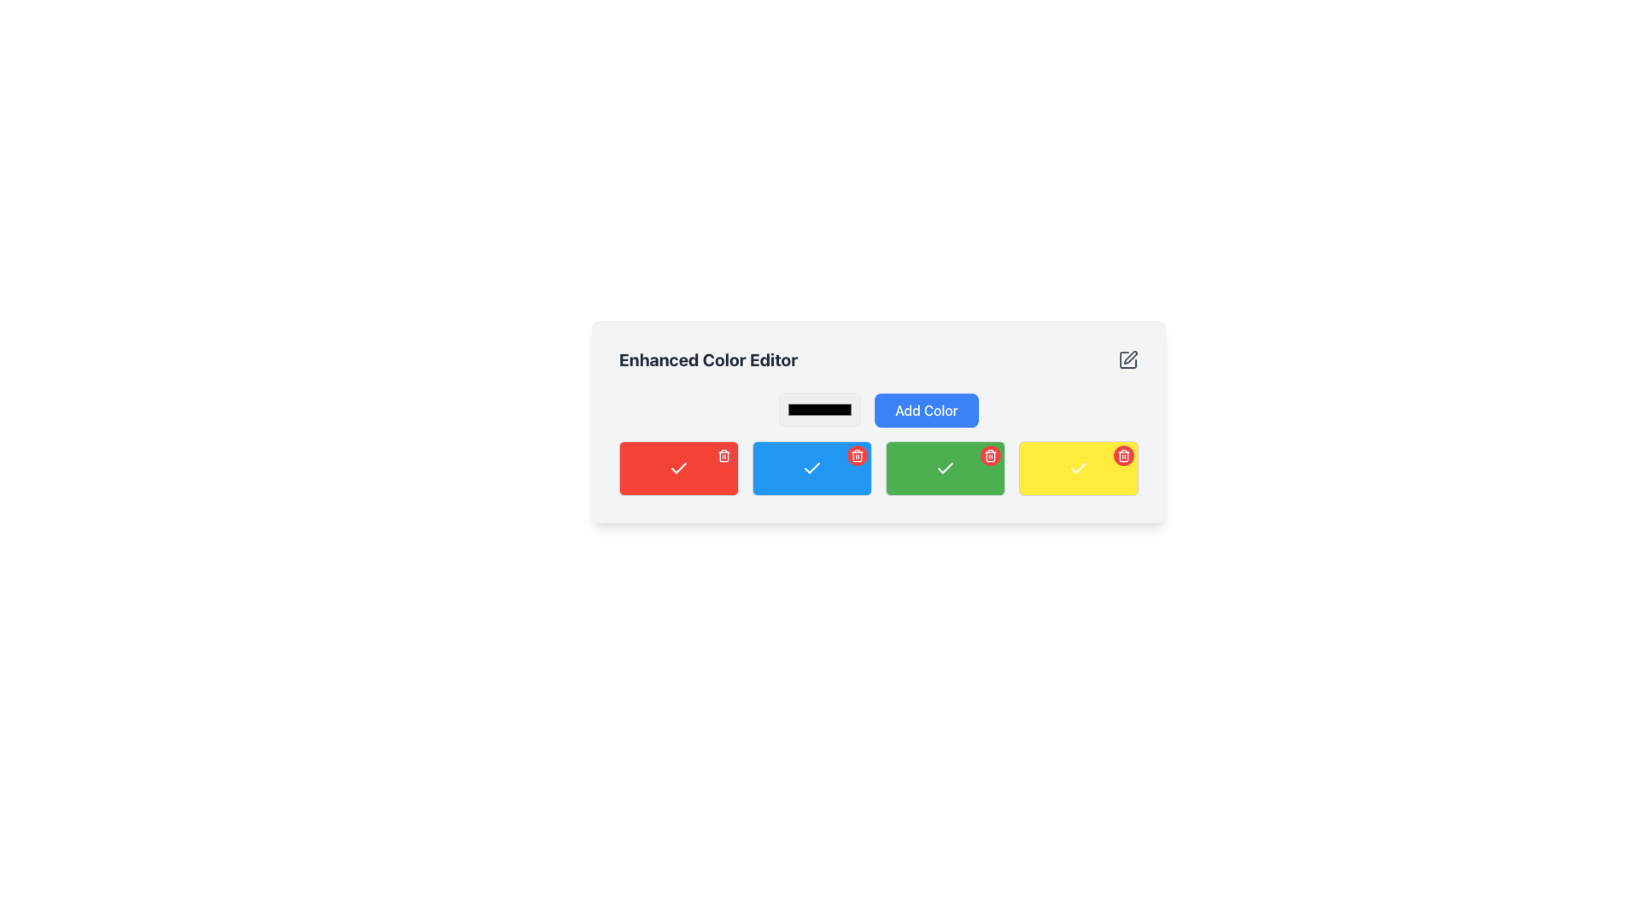  I want to click on the trash can button with a red background located at the top-right corner of the white card, so click(724, 454).